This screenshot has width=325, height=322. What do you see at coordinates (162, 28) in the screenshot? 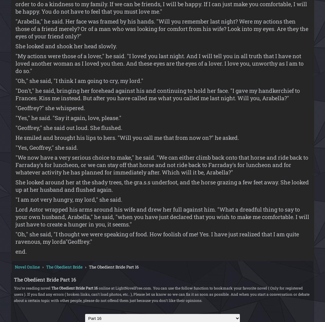
I see `'"Arabella," he said. Her face was framed by his hands. "Will you remember last night? Were my actions then those of a friend merely? Or of a man who was looking for comfort from his wife? Look into my eyes. Are they the eyes of your friend only?"'` at bounding box center [162, 28].